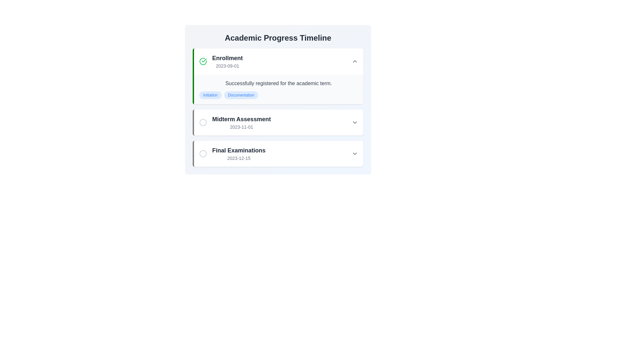  Describe the element at coordinates (241, 119) in the screenshot. I see `the static text label displaying 'Midterm Assessment', which is styled in bold dark gray font and positioned on the second card of the vertical timeline layout` at that location.